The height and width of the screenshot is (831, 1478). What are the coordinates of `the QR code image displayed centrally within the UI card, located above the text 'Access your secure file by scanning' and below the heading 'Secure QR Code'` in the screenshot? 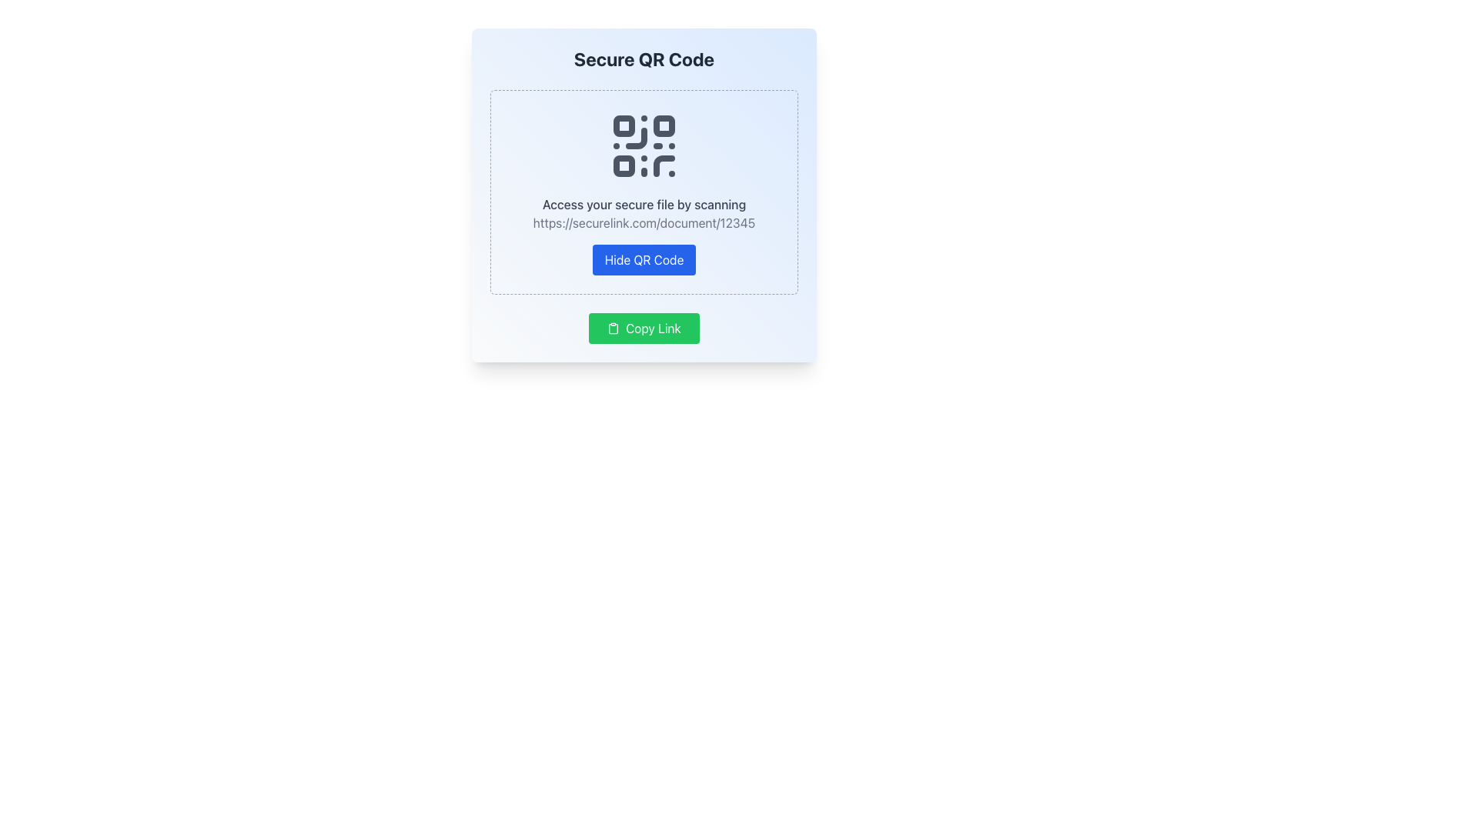 It's located at (644, 145).